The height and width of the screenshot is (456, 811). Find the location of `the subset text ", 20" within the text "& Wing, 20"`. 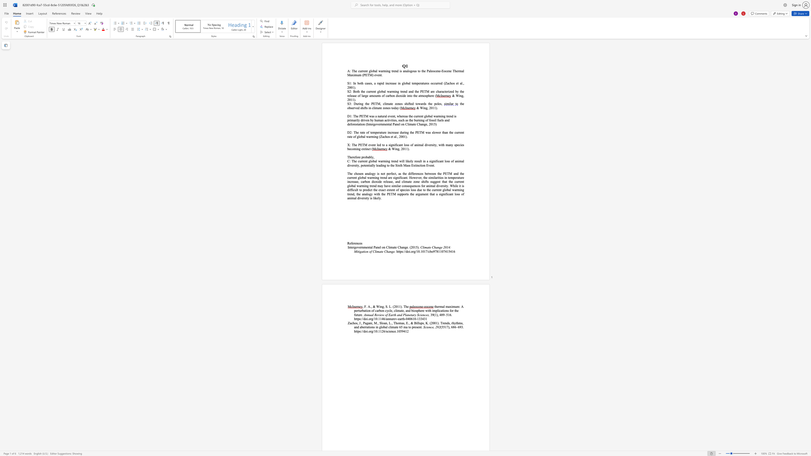

the subset text ", 20" within the text "& Wing, 20" is located at coordinates (427, 108).